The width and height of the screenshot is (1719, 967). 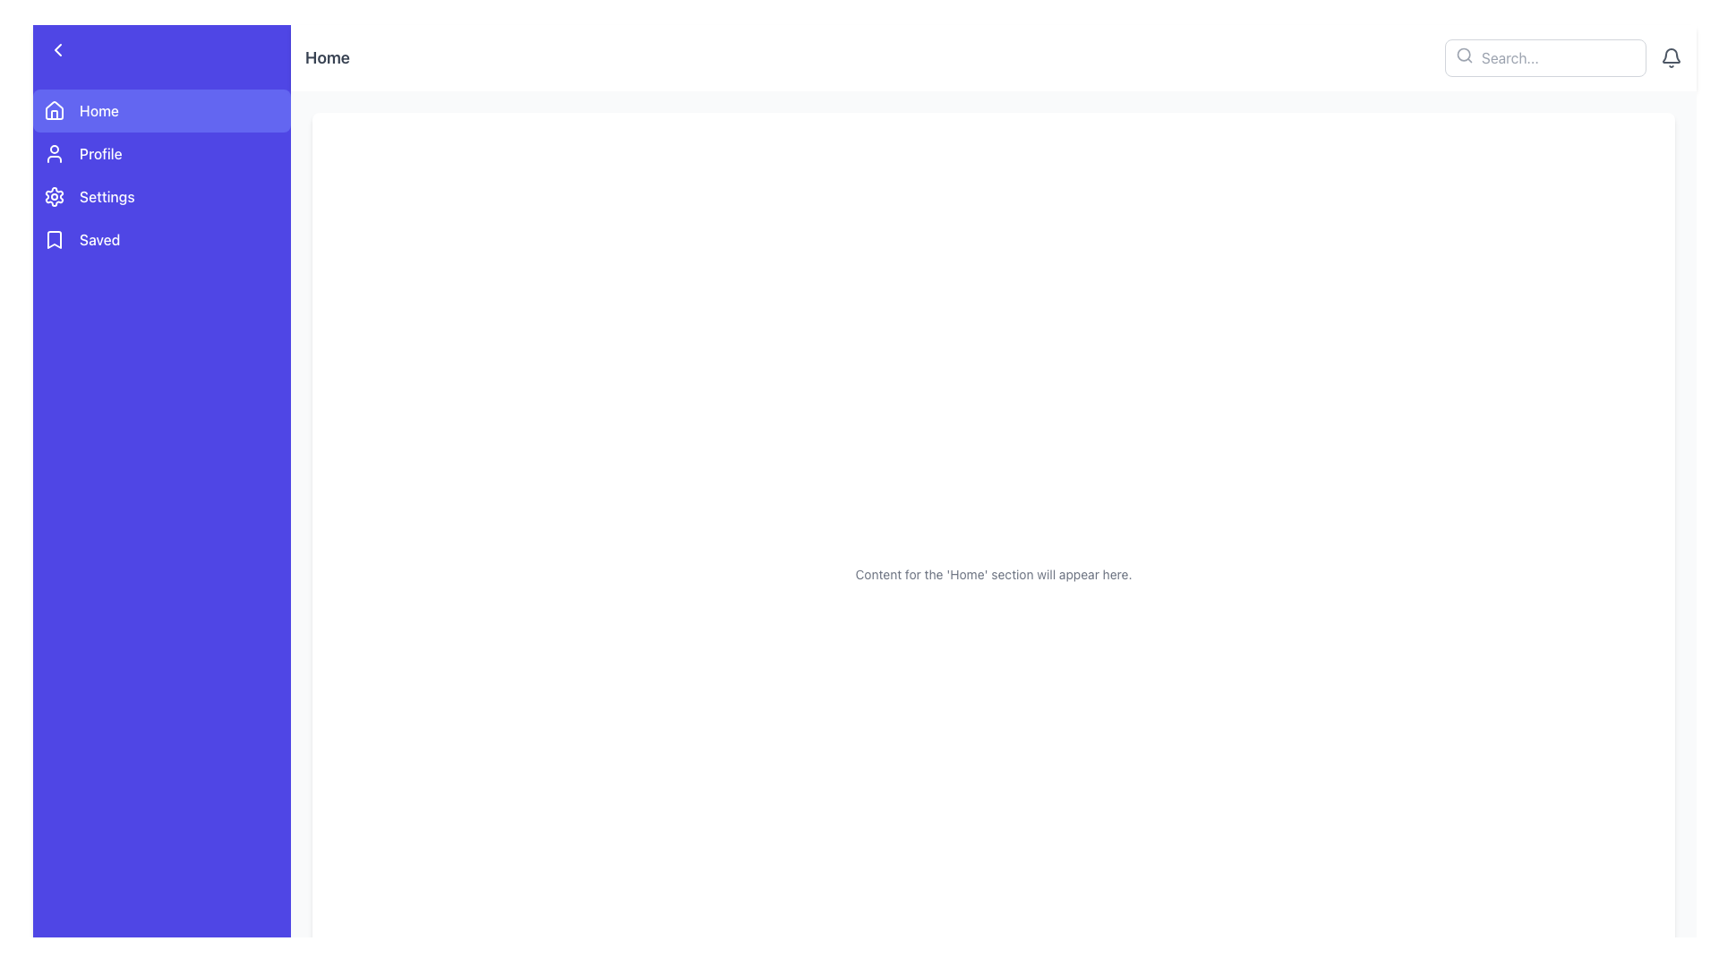 What do you see at coordinates (162, 238) in the screenshot?
I see `the 'Saved' navigation button` at bounding box center [162, 238].